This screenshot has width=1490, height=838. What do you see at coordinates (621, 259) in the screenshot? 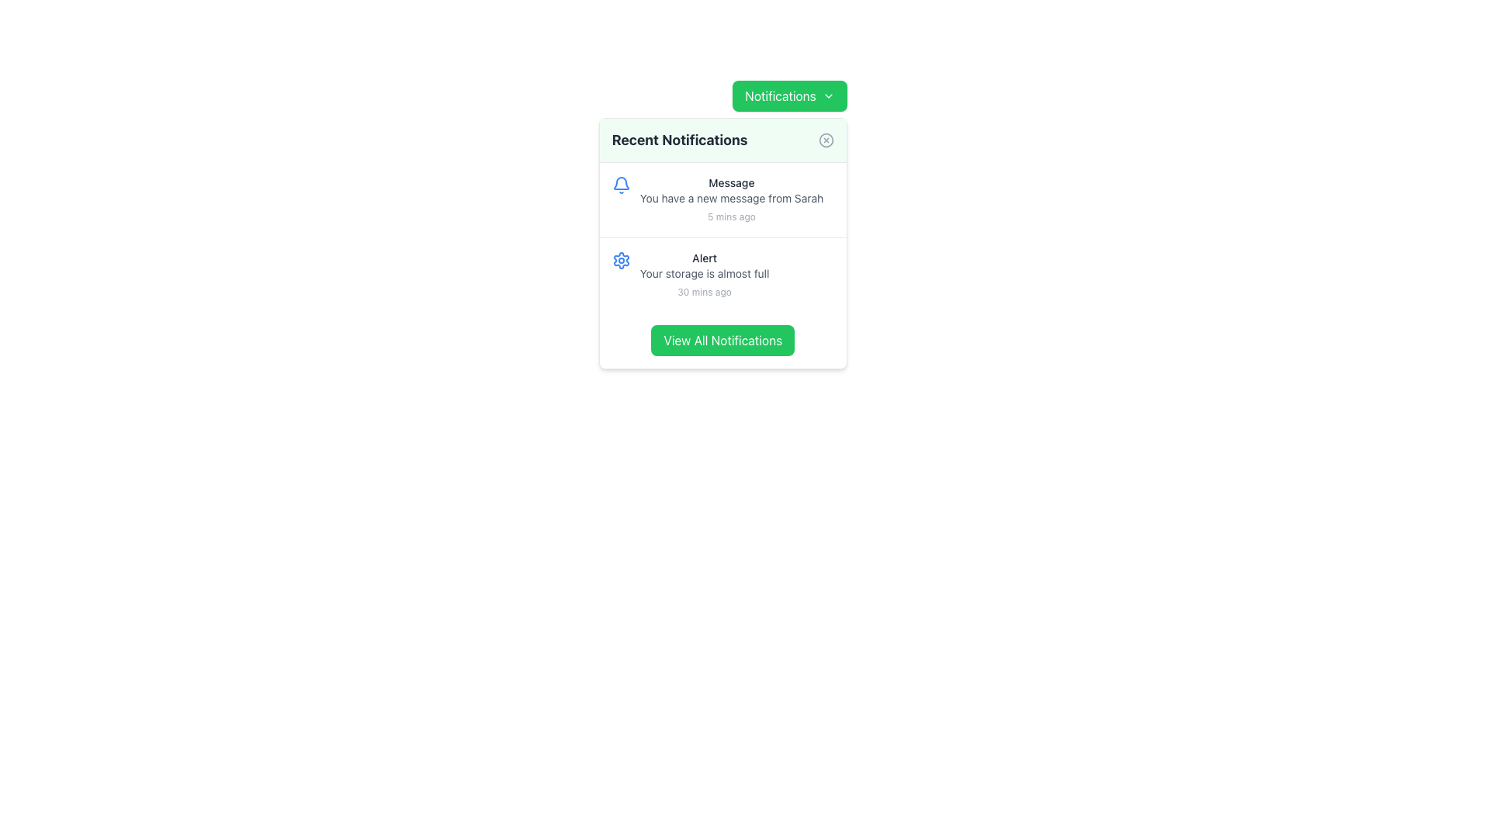
I see `the gear icon located to the left of the text 'Alert' in the second notification entry of the list` at bounding box center [621, 259].